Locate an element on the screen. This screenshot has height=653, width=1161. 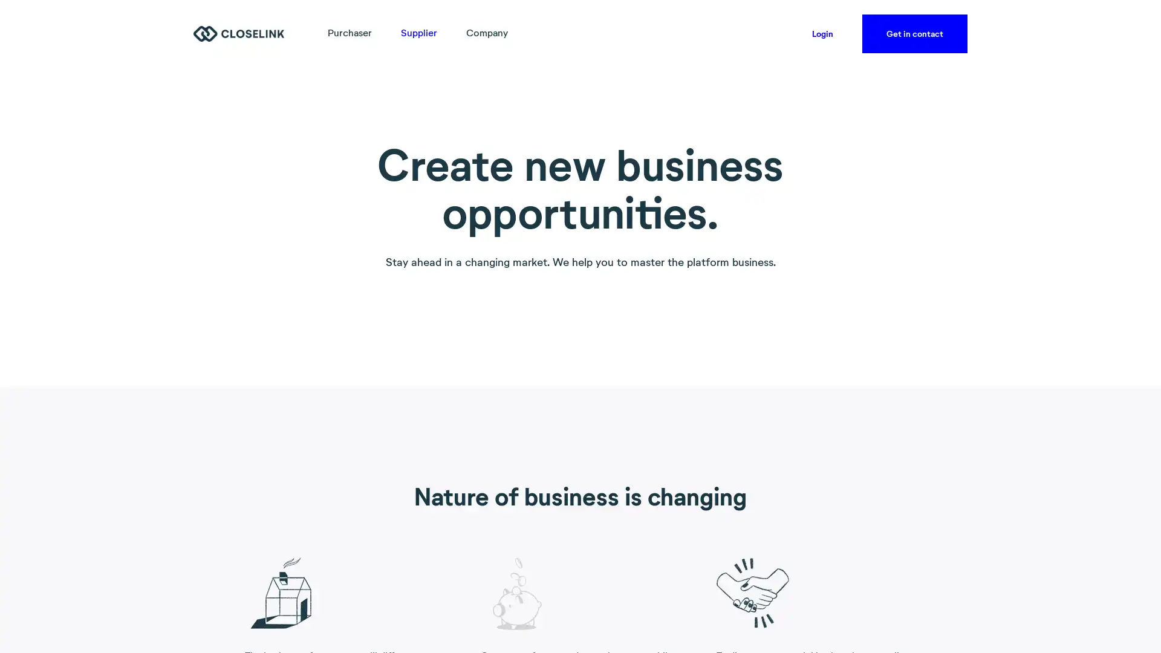
Accept all is located at coordinates (660, 421).